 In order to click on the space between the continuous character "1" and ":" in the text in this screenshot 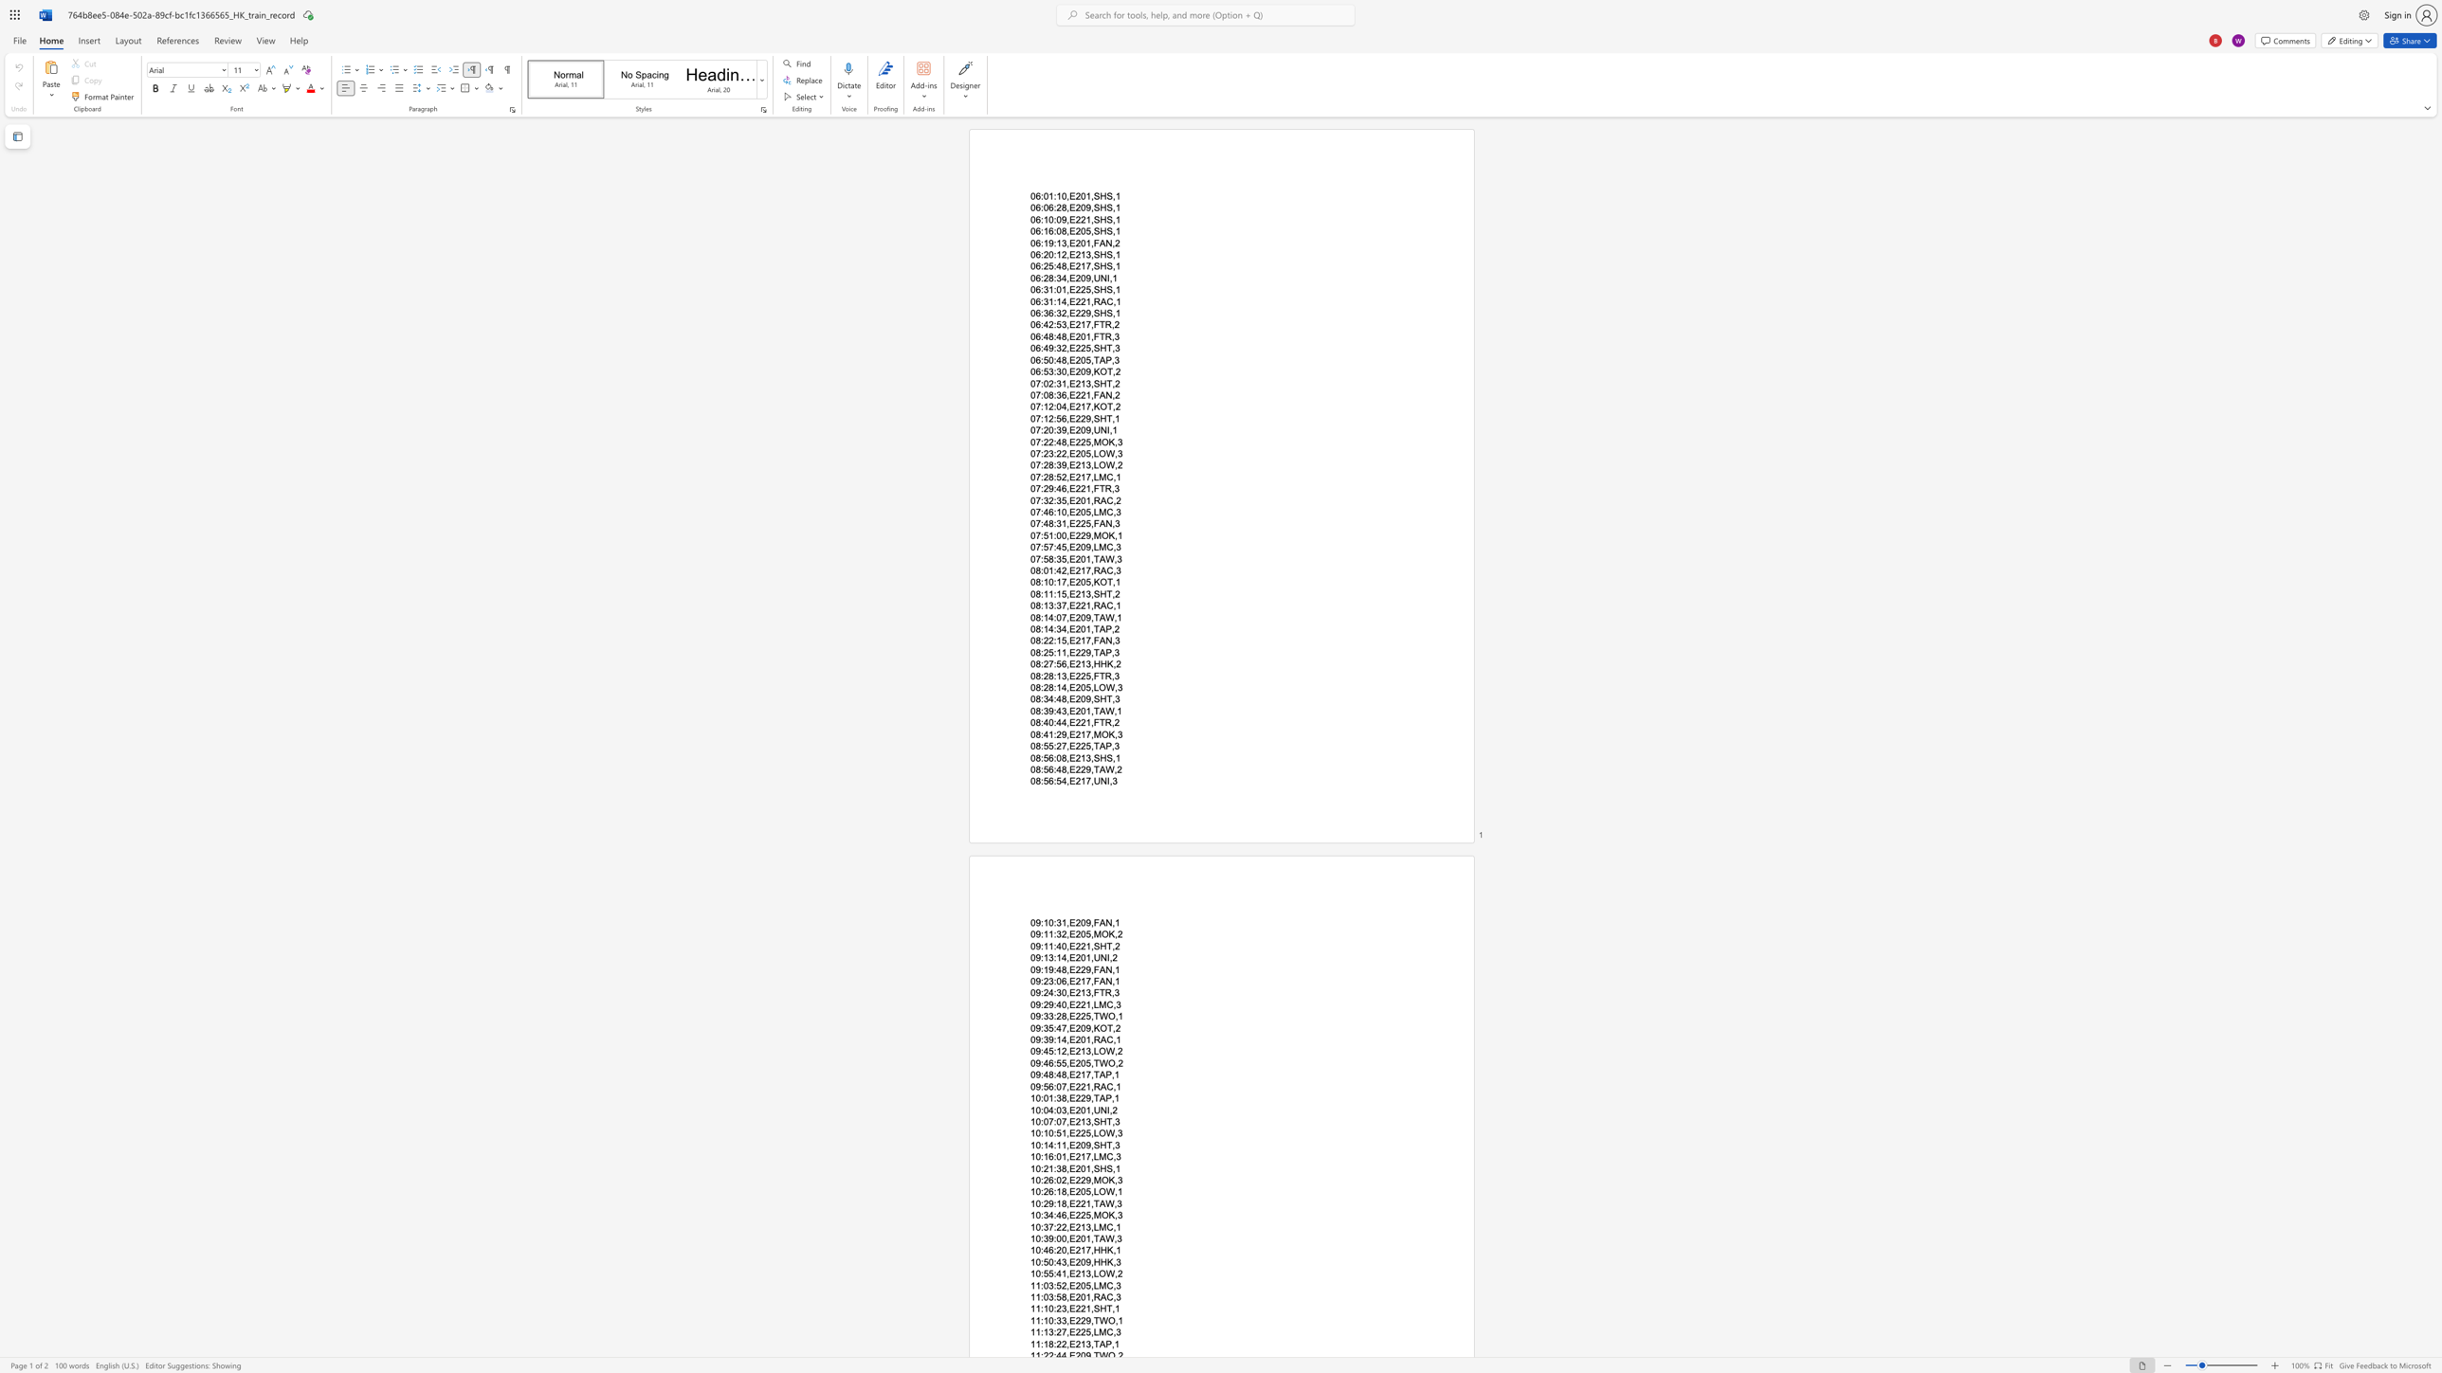, I will do `click(1053, 1167)`.